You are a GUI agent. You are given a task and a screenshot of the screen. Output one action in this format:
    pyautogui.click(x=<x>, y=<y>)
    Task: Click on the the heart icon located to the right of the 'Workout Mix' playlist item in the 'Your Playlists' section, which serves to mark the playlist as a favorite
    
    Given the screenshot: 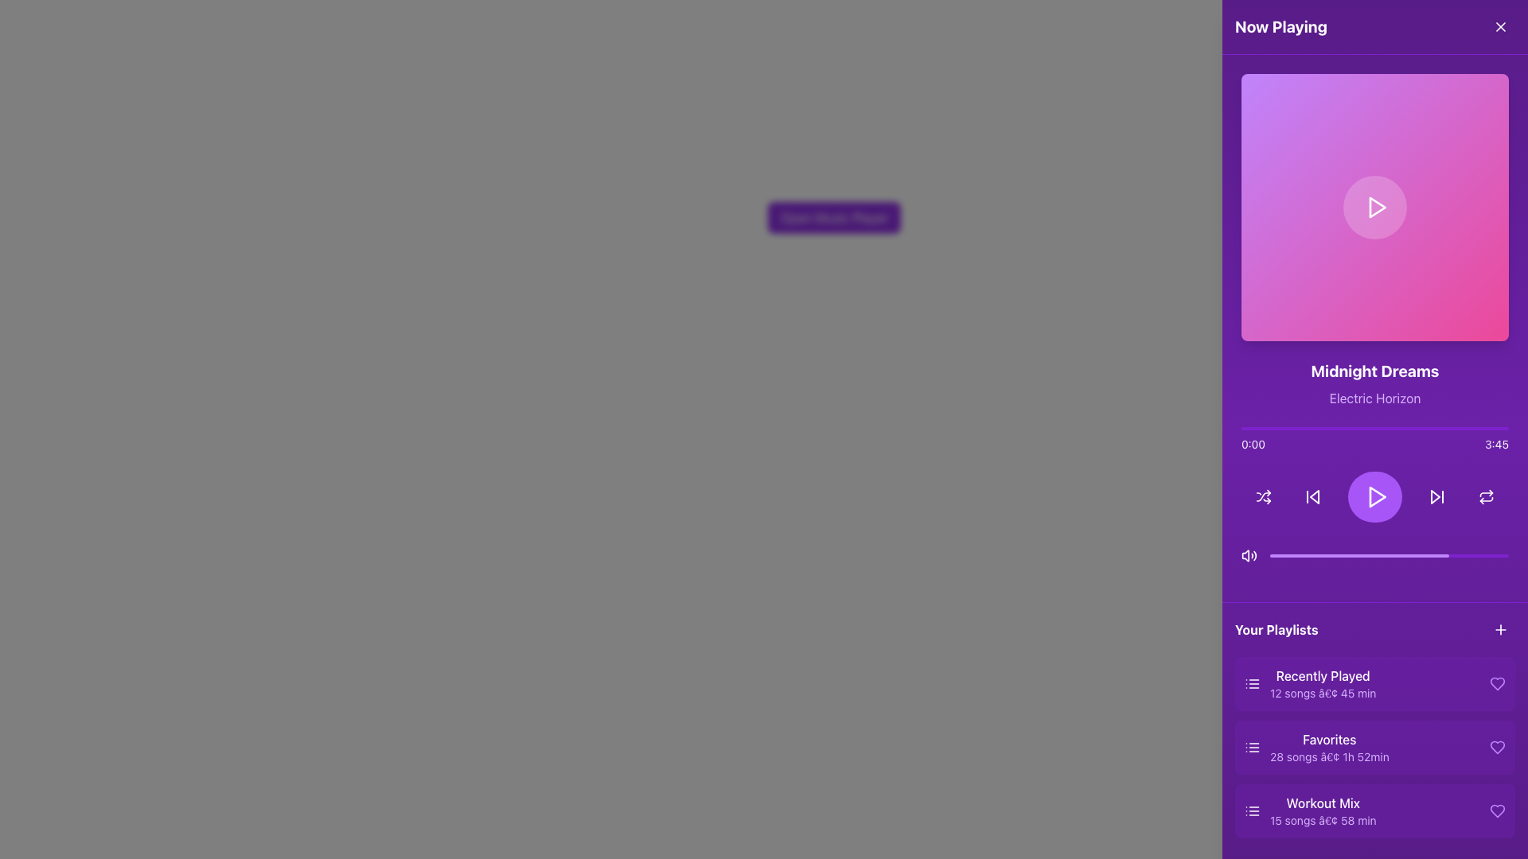 What is the action you would take?
    pyautogui.click(x=1496, y=810)
    